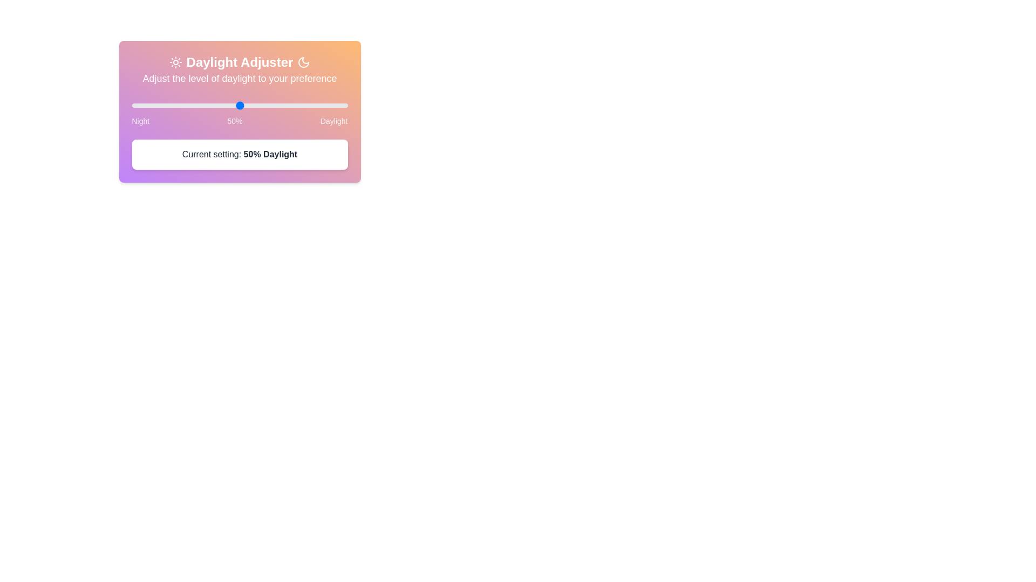  What do you see at coordinates (131, 106) in the screenshot?
I see `the slider to set the daylight level to 34%` at bounding box center [131, 106].